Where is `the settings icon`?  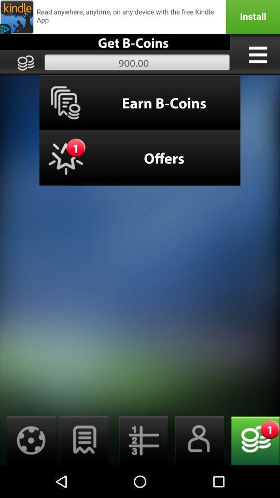 the settings icon is located at coordinates (28, 472).